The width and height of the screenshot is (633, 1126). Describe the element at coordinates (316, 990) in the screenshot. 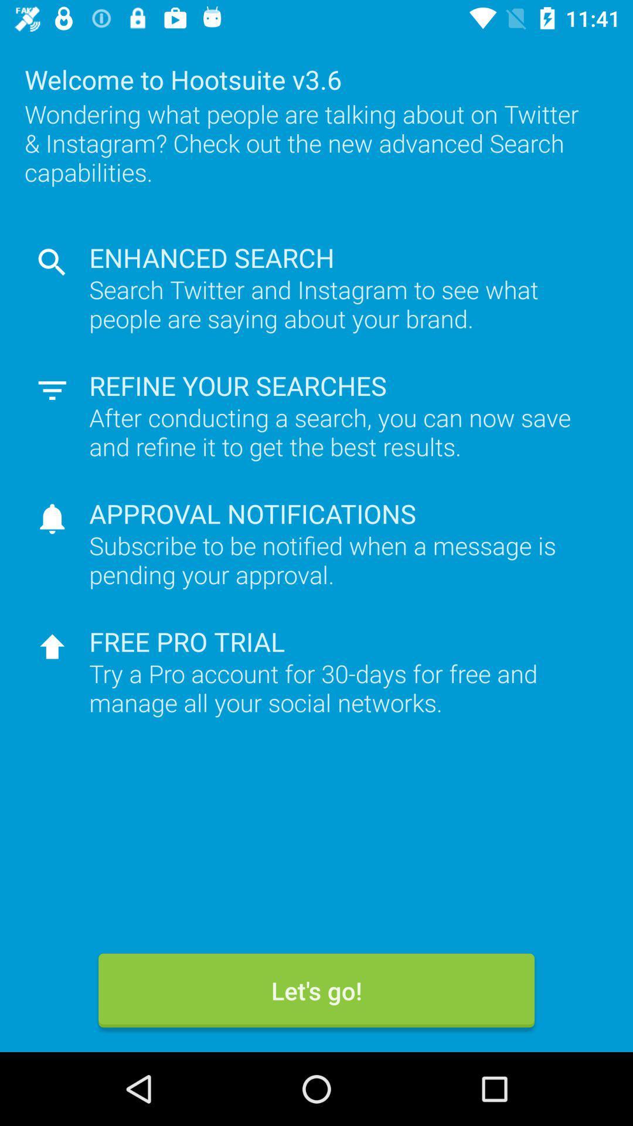

I see `the item below try a pro item` at that location.